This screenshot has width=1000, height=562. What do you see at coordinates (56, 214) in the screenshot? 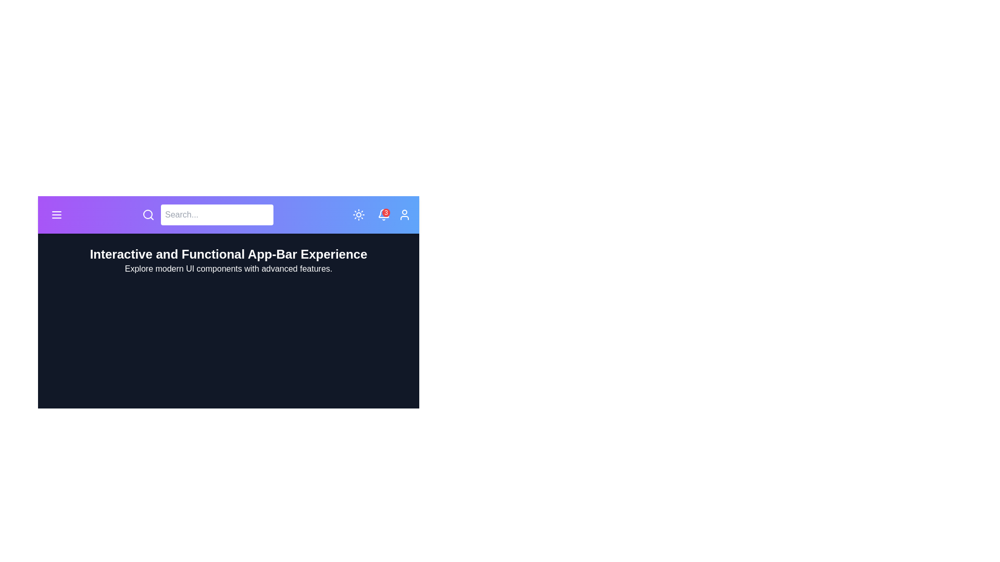
I see `the menu button to open the menu` at bounding box center [56, 214].